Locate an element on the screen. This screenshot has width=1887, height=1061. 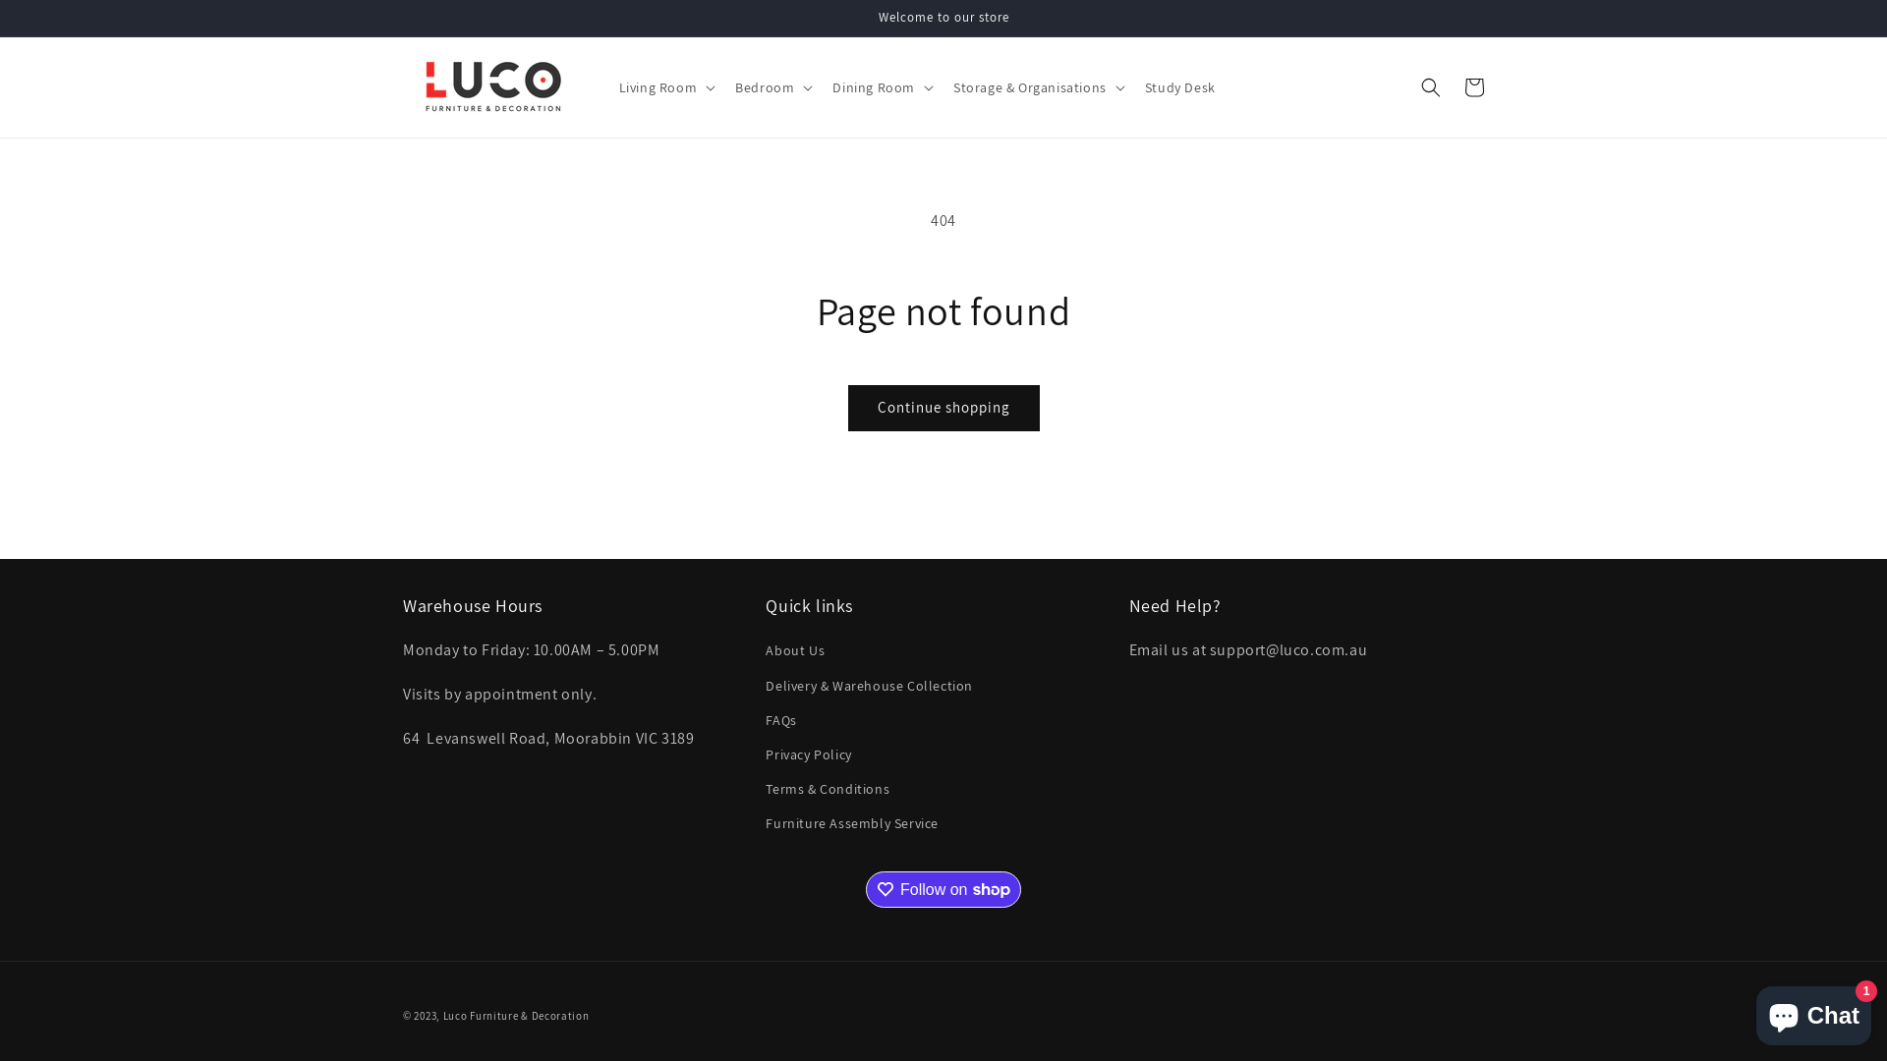
'Continue shopping' is located at coordinates (942, 407).